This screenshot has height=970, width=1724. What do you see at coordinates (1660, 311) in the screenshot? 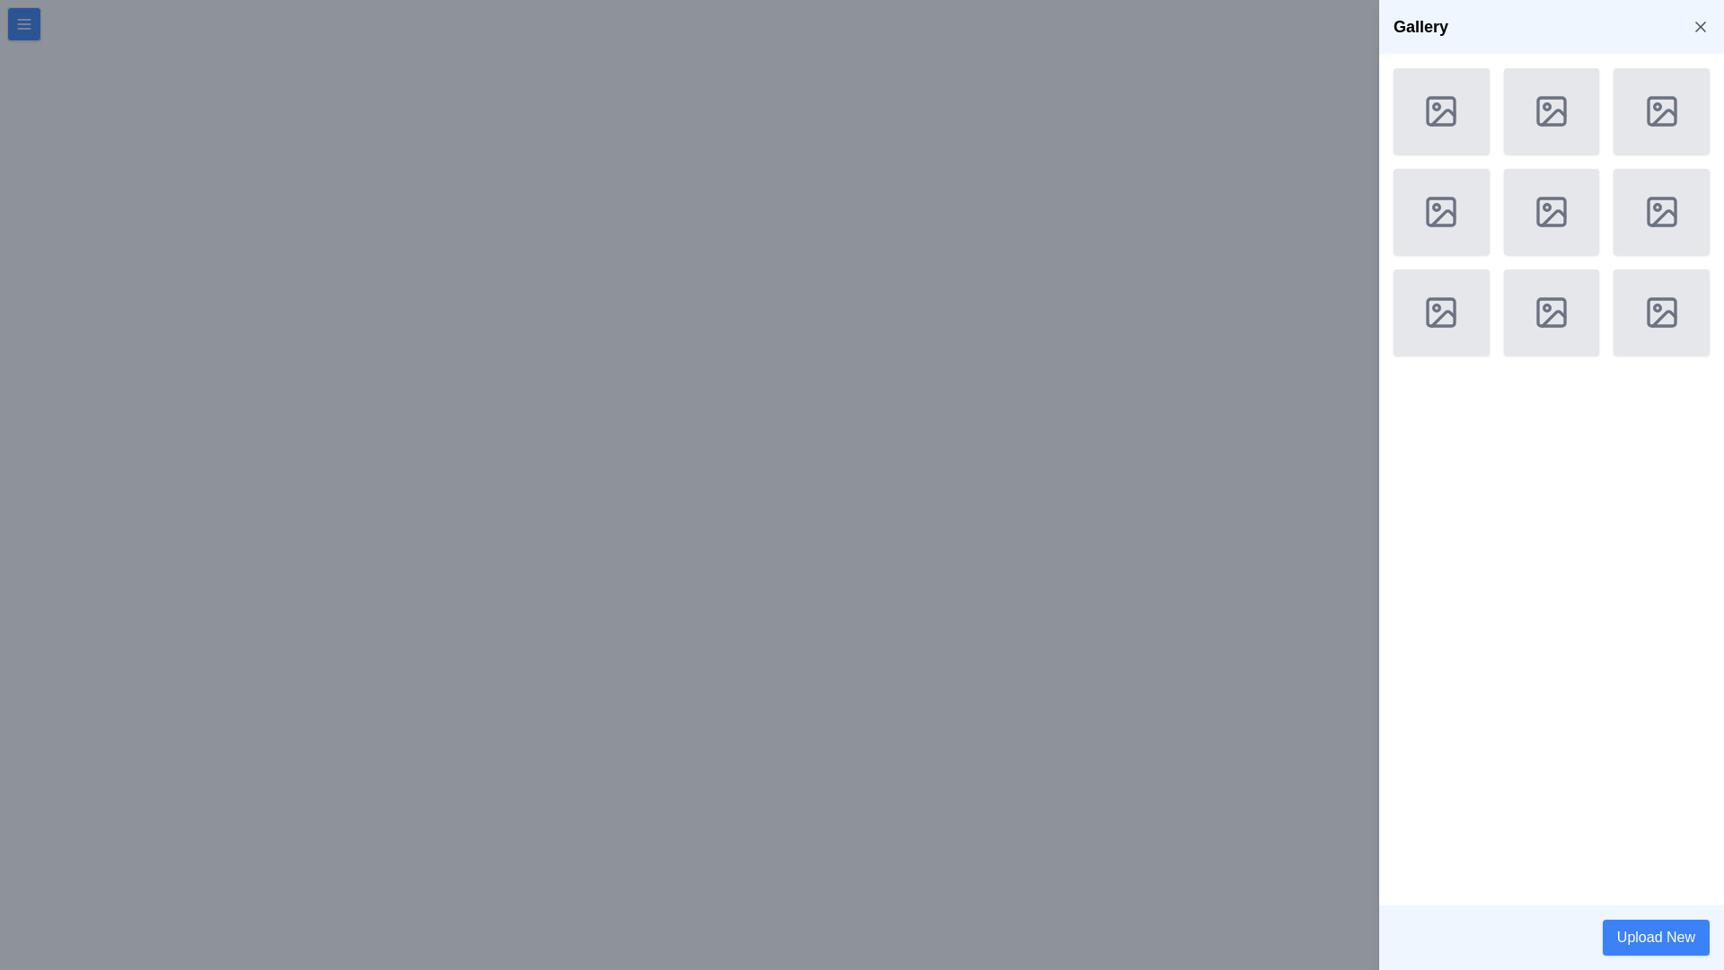
I see `the placeholder with an icon located in the bottom-right corner of the gallery layout, which represents a missing or generic image` at bounding box center [1660, 311].